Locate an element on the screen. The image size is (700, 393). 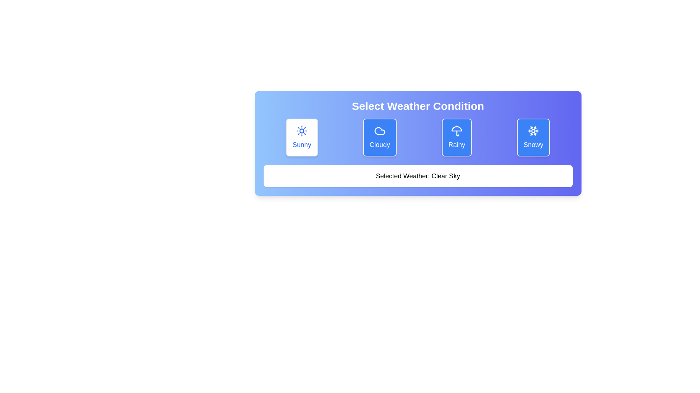
the 'Cloudy' button, which is a rectangular button with rounded corners, styled with a blue background and containing a cloud icon above the text label saying 'Cloudy' is located at coordinates (379, 138).